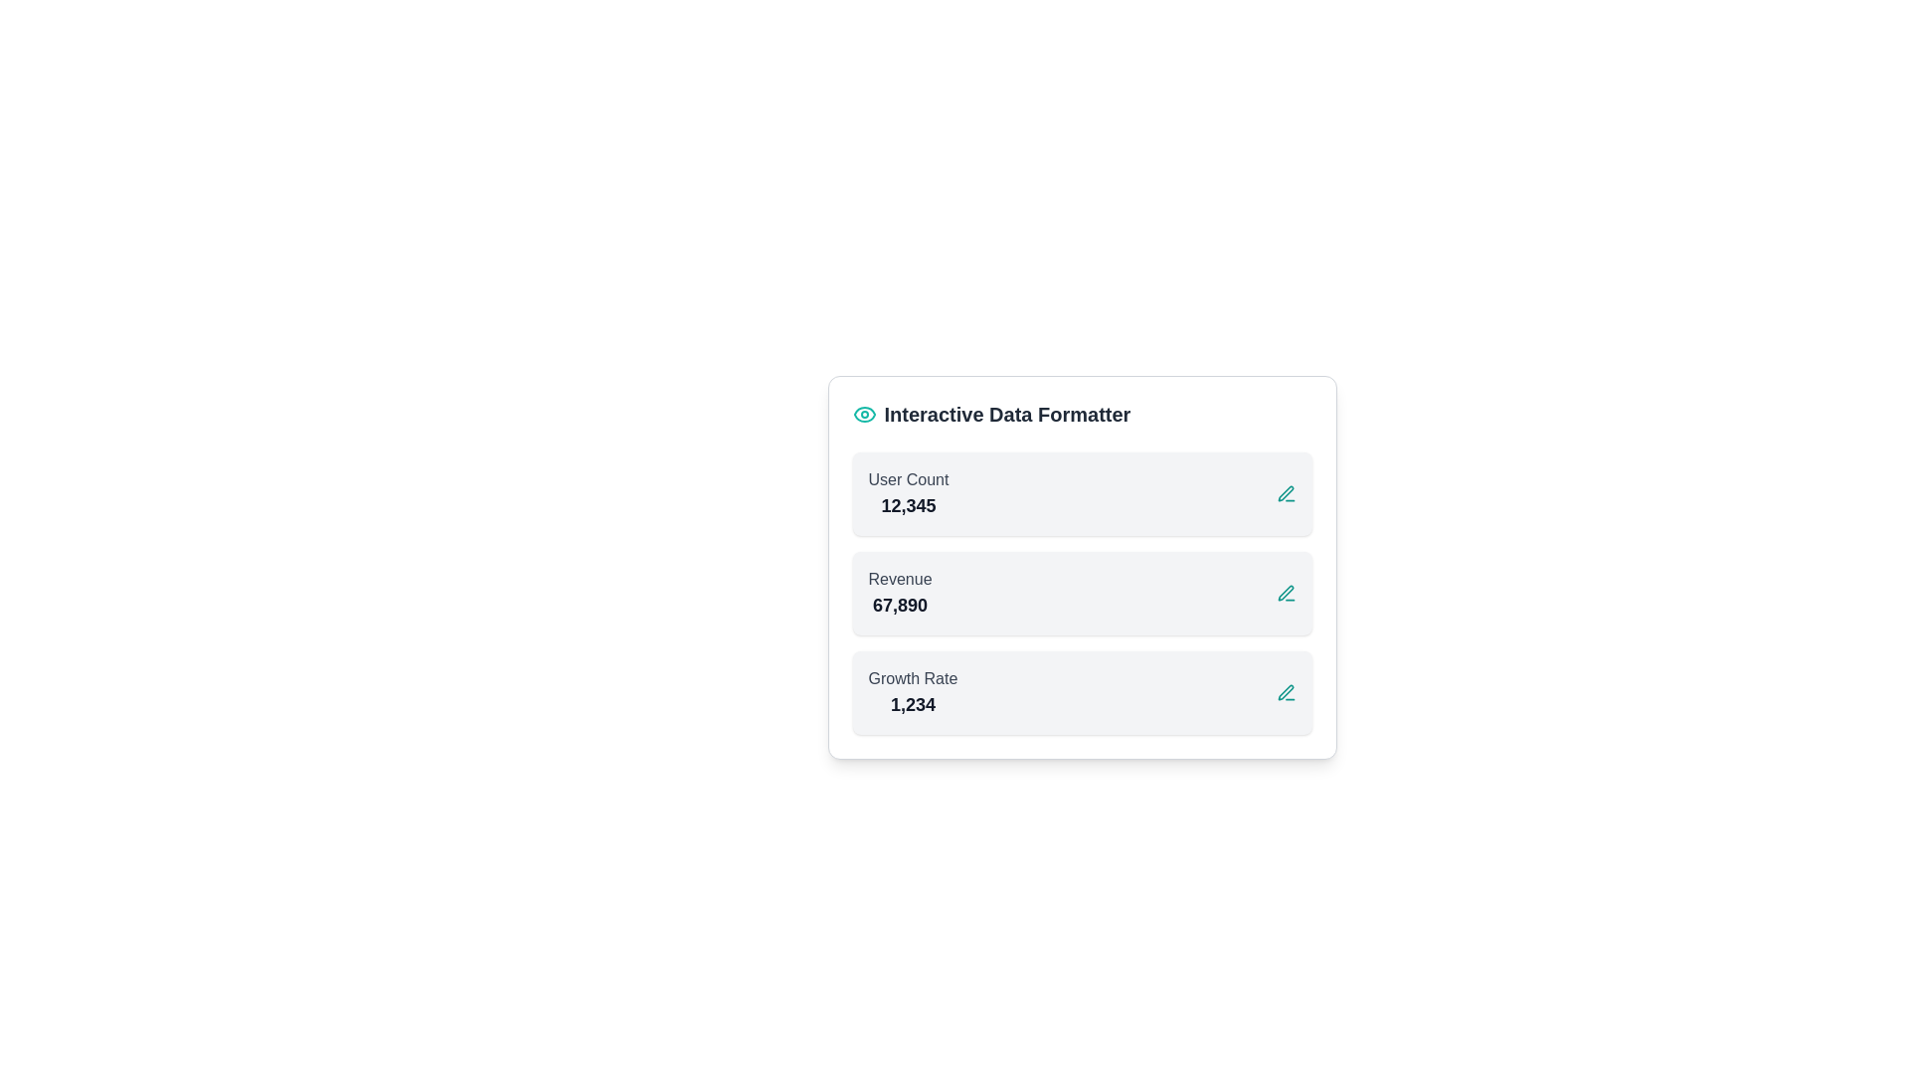  Describe the element at coordinates (899, 579) in the screenshot. I see `the descriptive text label that provides context for the revenue data '67,890', located in the second section of the 'Interactive Data Formatter' panel` at that location.